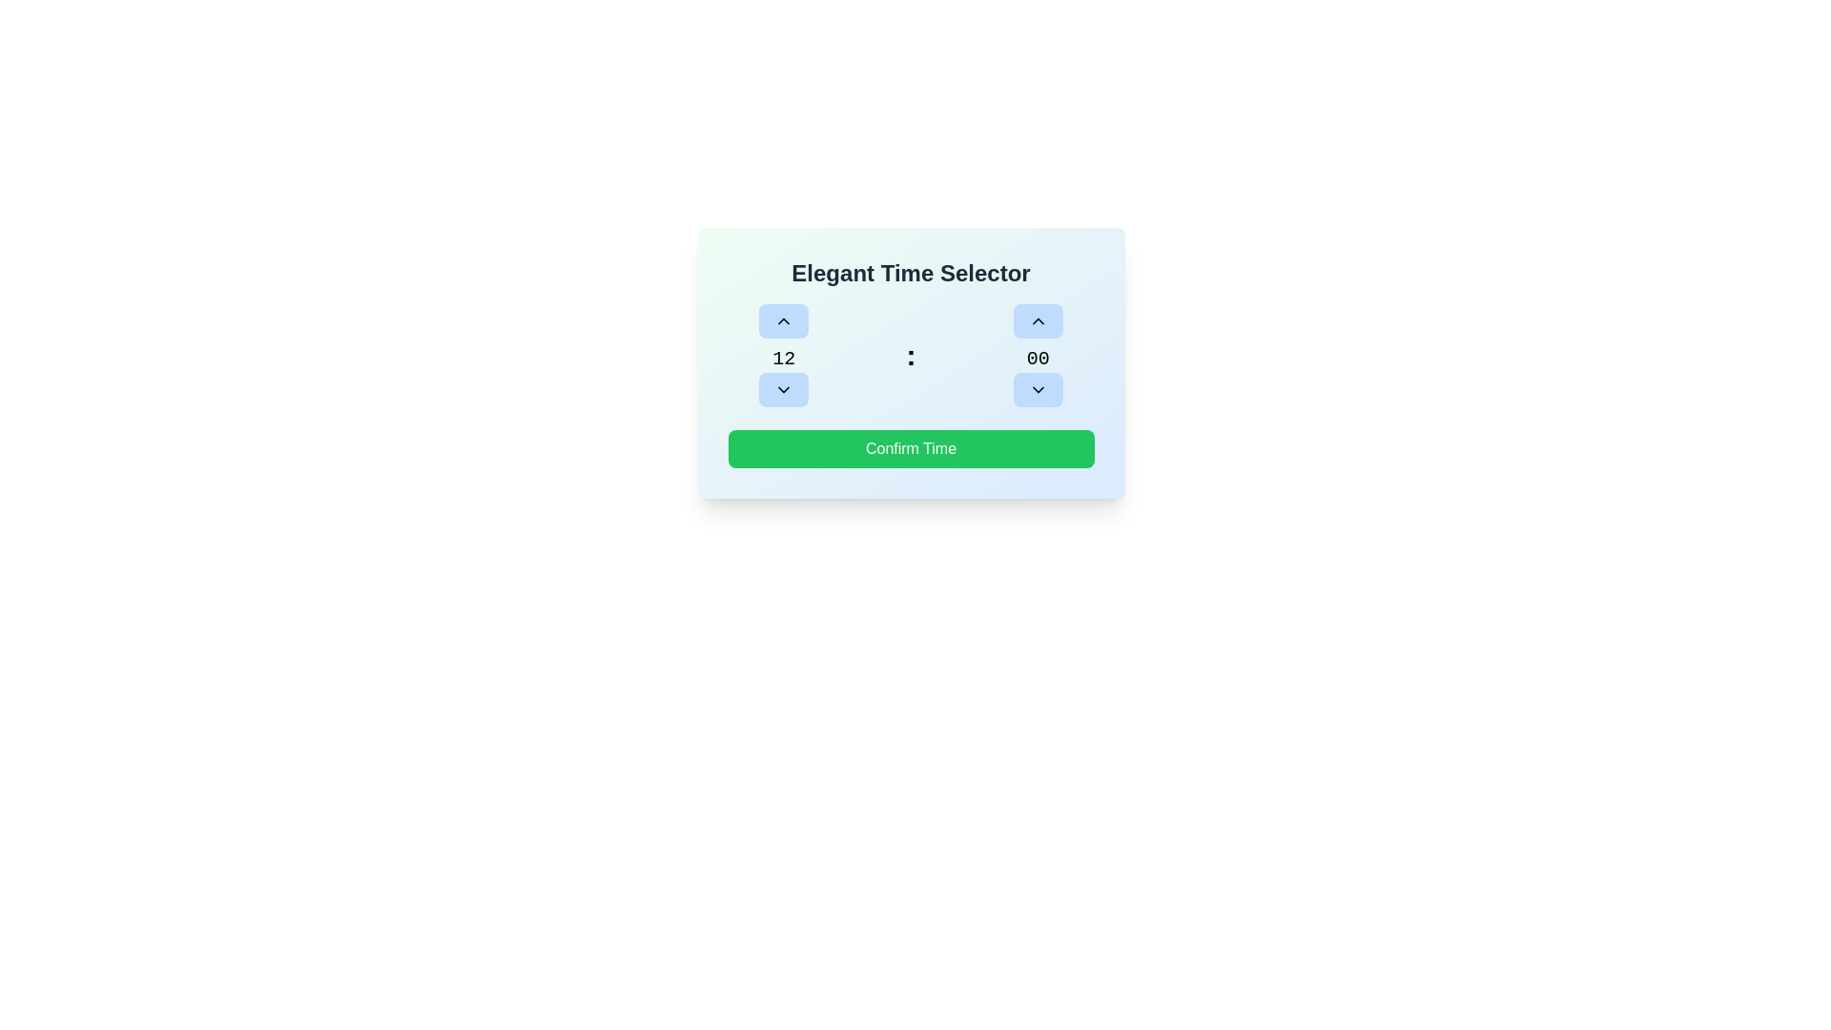  I want to click on the rectangular button with rounded corners and a blue background containing a downwards-facing arrow icon, so click(784, 388).